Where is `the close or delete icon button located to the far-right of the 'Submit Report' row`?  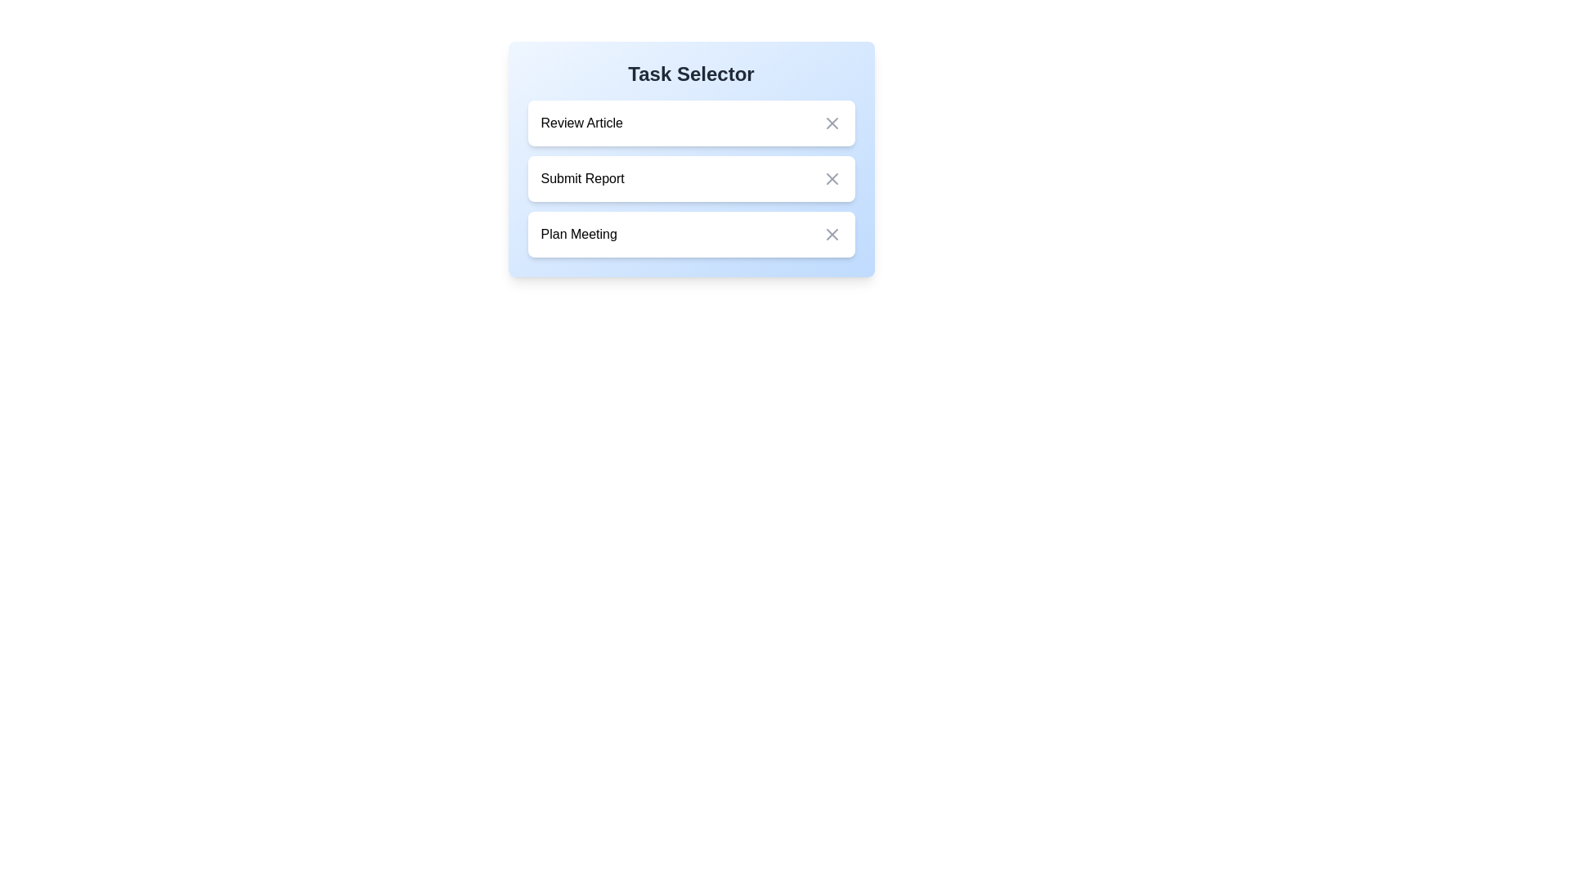
the close or delete icon button located to the far-right of the 'Submit Report' row is located at coordinates (832, 179).